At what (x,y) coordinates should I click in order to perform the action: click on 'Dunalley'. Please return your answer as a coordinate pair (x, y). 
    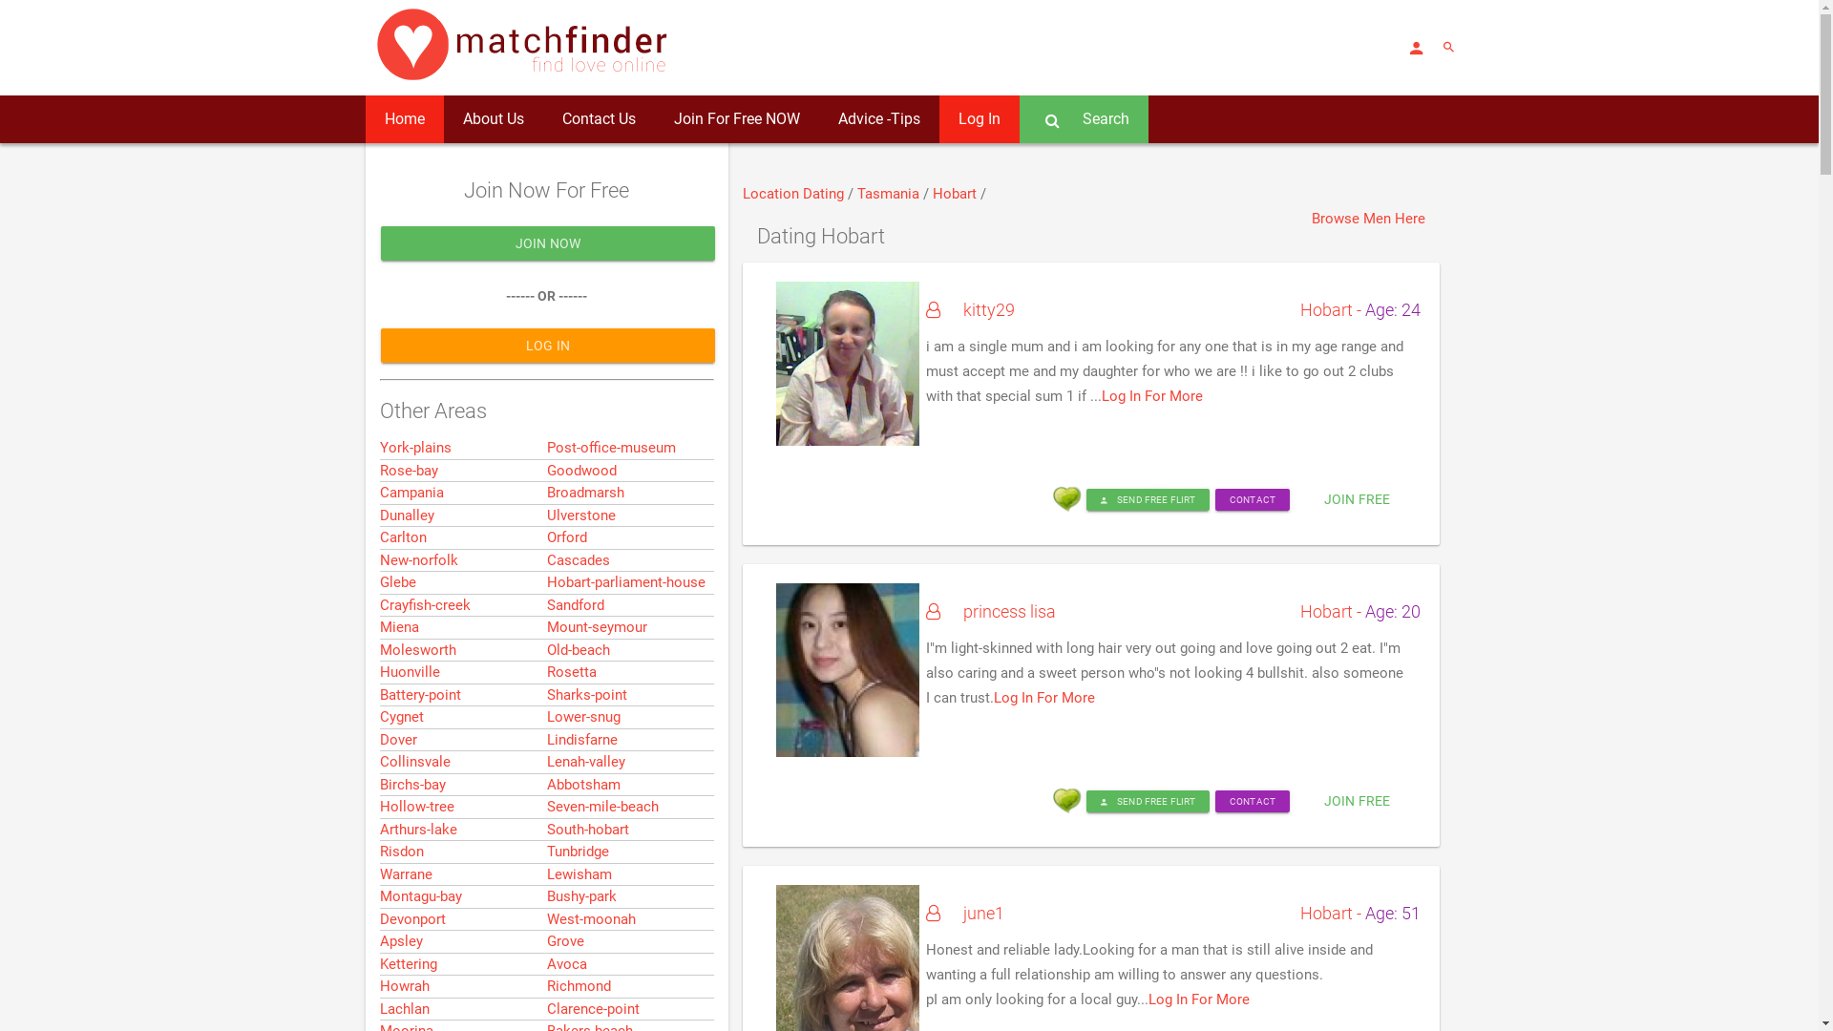
    Looking at the image, I should click on (406, 515).